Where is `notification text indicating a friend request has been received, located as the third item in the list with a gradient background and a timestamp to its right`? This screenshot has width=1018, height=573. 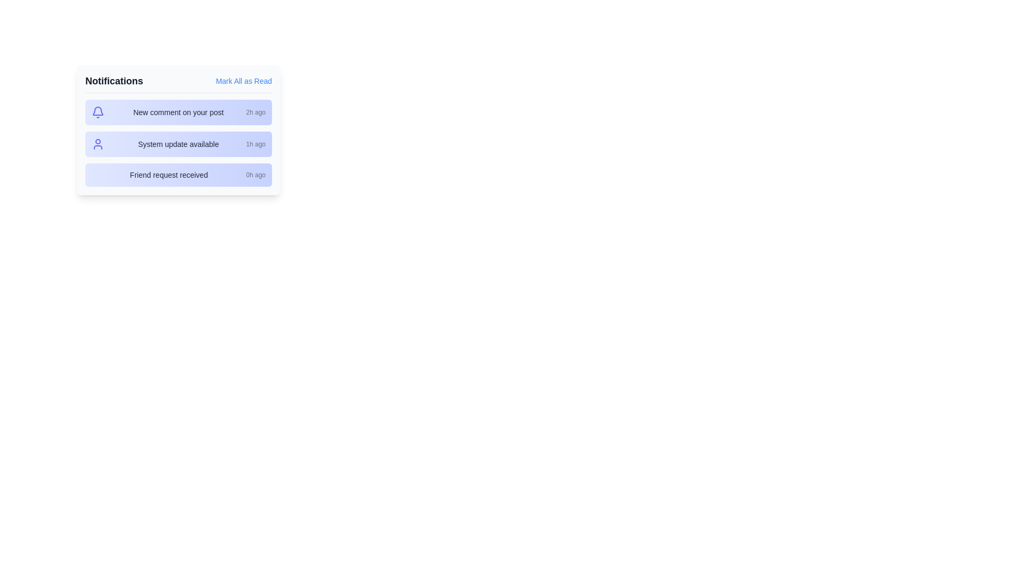
notification text indicating a friend request has been received, located as the third item in the list with a gradient background and a timestamp to its right is located at coordinates (168, 175).